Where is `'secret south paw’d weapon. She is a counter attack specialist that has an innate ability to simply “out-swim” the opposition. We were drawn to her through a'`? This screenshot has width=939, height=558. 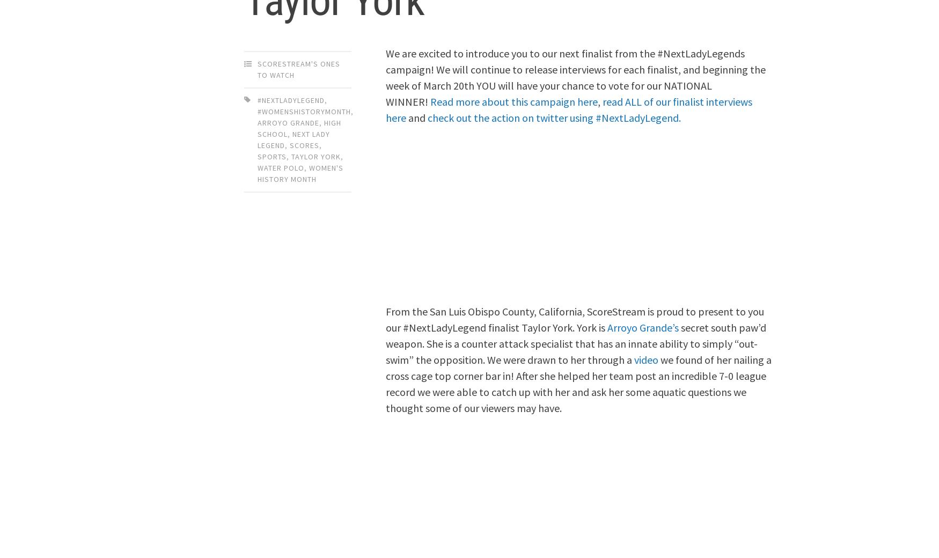
'secret south paw’d weapon. She is a counter attack specialist that has an innate ability to simply “out-swim” the opposition. We were drawn to her through a' is located at coordinates (576, 342).